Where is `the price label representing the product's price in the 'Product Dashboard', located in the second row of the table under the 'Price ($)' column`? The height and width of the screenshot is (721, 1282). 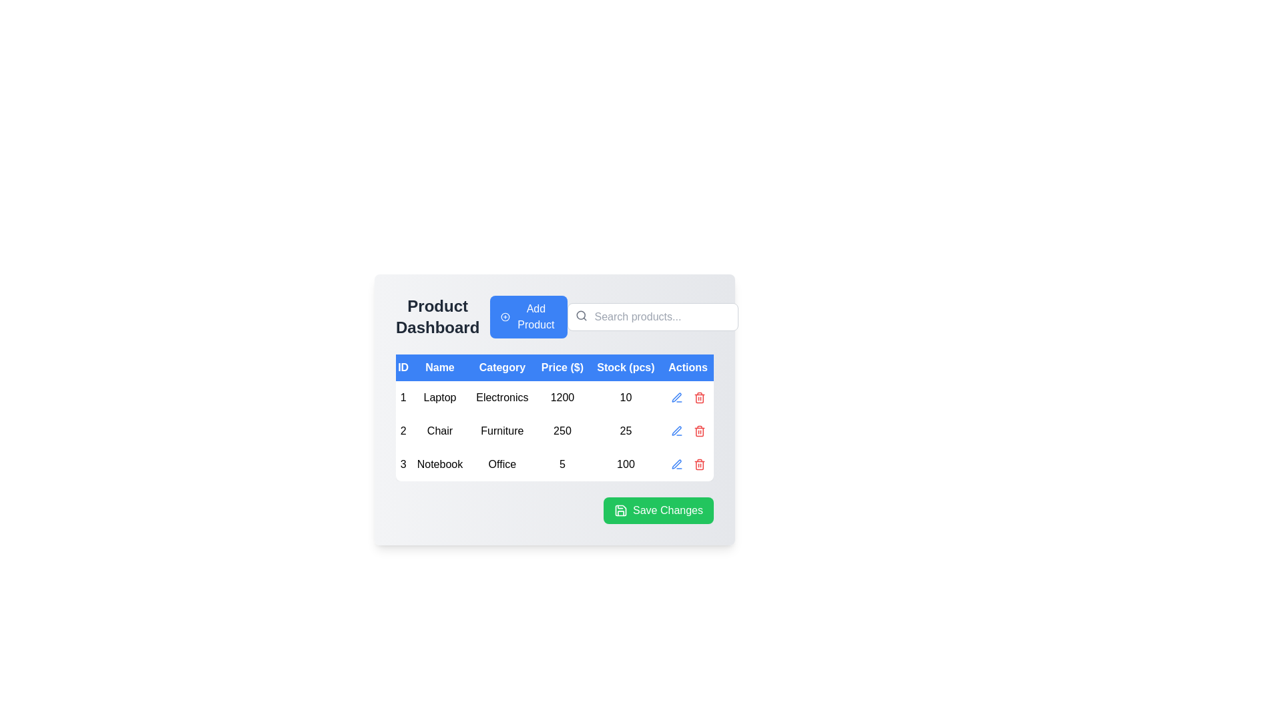 the price label representing the product's price in the 'Product Dashboard', located in the second row of the table under the 'Price ($)' column is located at coordinates (562, 431).